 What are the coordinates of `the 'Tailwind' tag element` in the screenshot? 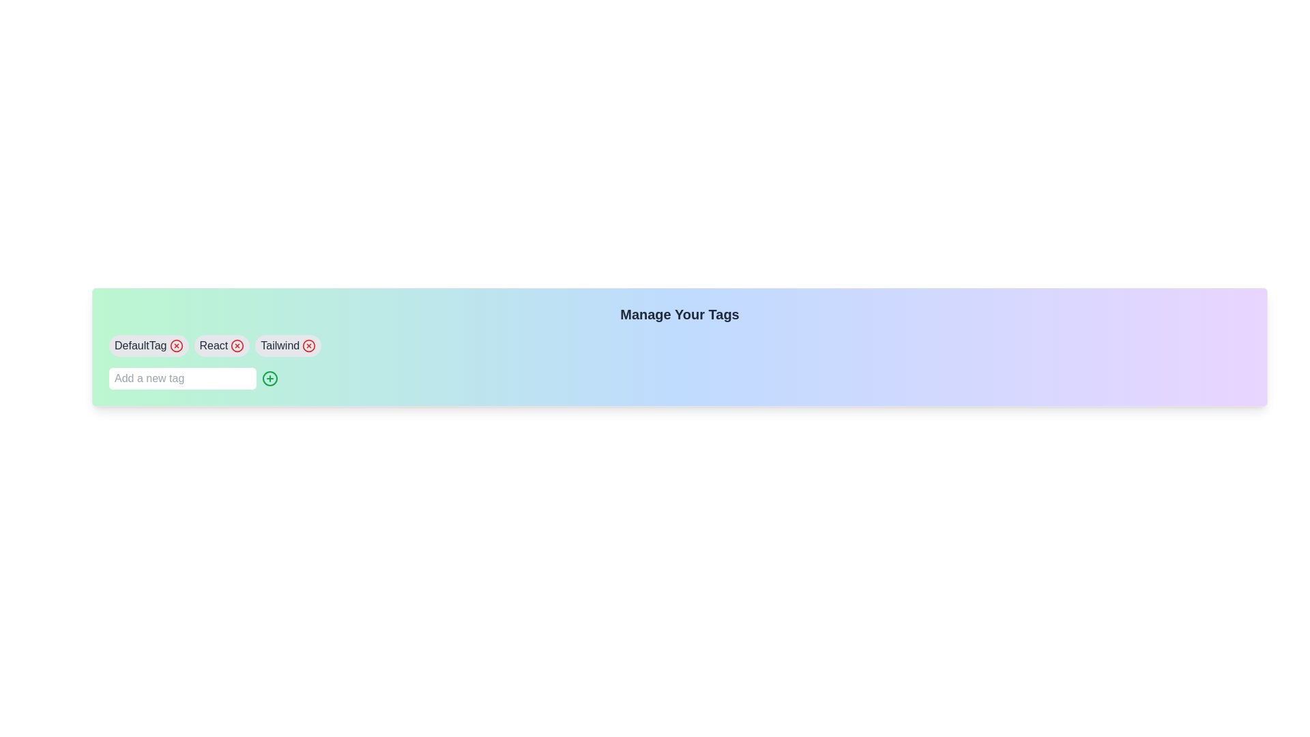 It's located at (287, 345).